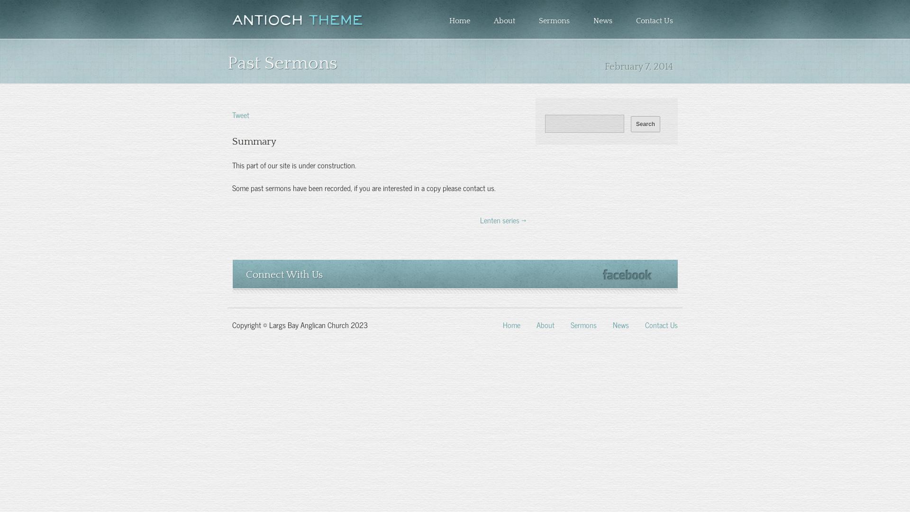  What do you see at coordinates (627, 274) in the screenshot?
I see `'Facebook'` at bounding box center [627, 274].